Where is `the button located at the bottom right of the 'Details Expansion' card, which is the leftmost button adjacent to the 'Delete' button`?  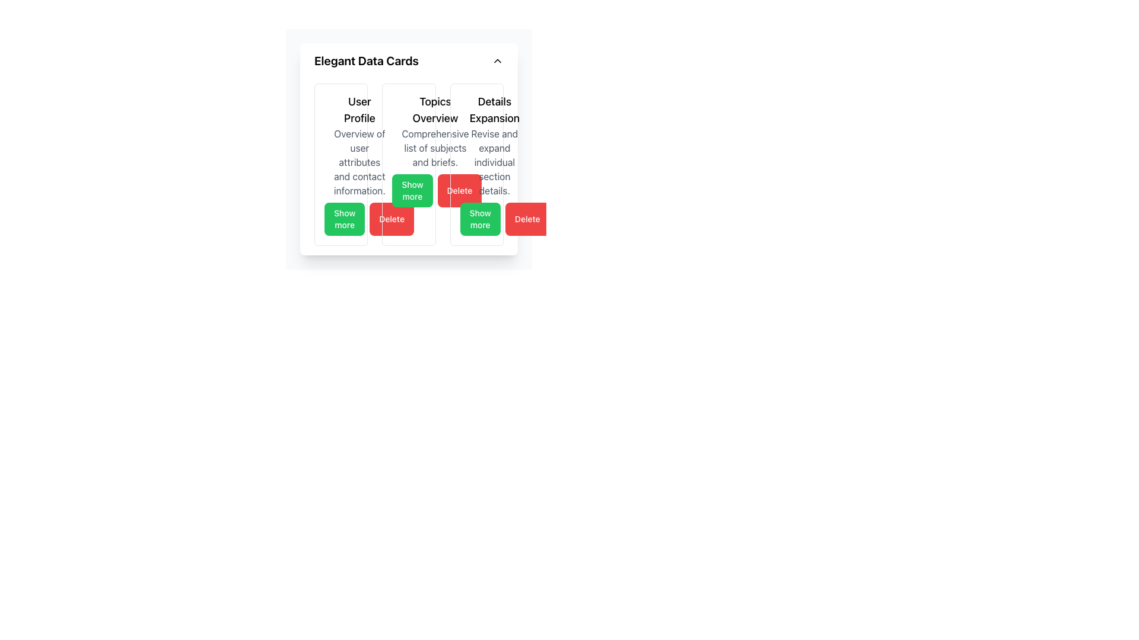 the button located at the bottom right of the 'Details Expansion' card, which is the leftmost button adjacent to the 'Delete' button is located at coordinates (476, 219).